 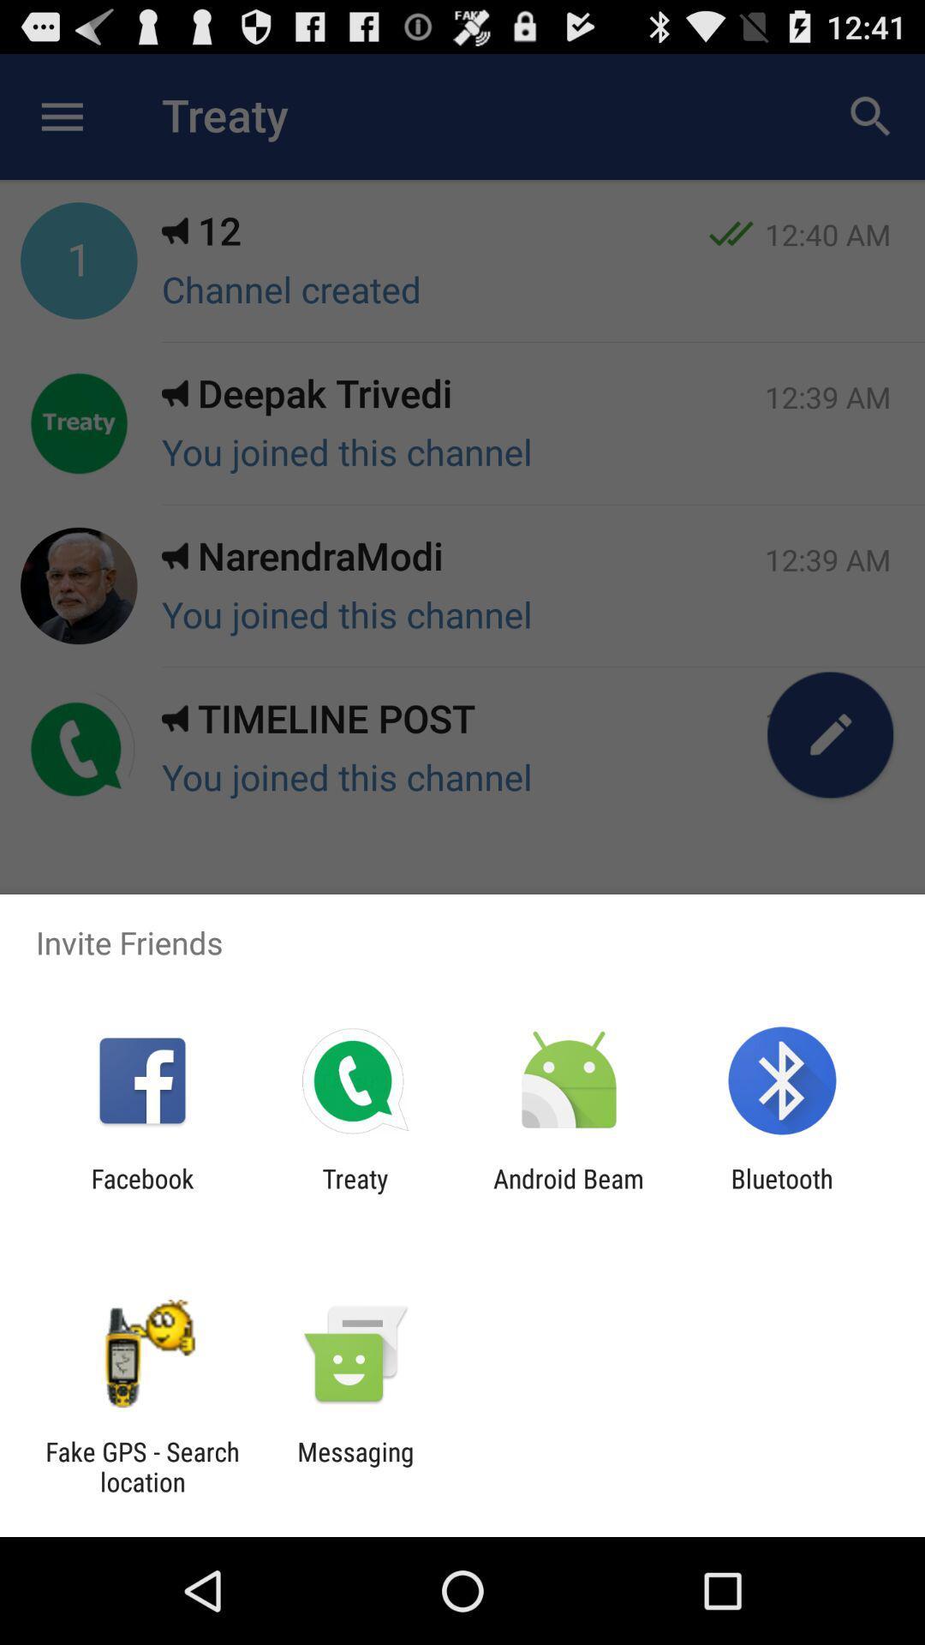 What do you see at coordinates (141, 1466) in the screenshot?
I see `fake gps search app` at bounding box center [141, 1466].